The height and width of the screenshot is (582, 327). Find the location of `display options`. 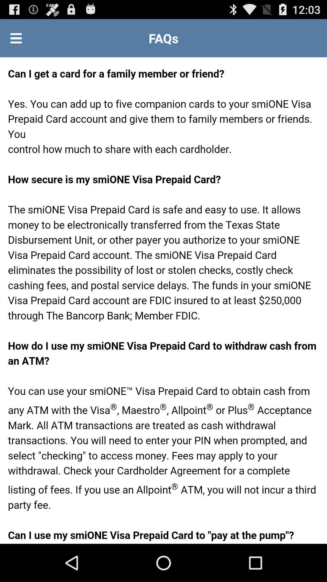

display options is located at coordinates (16, 38).